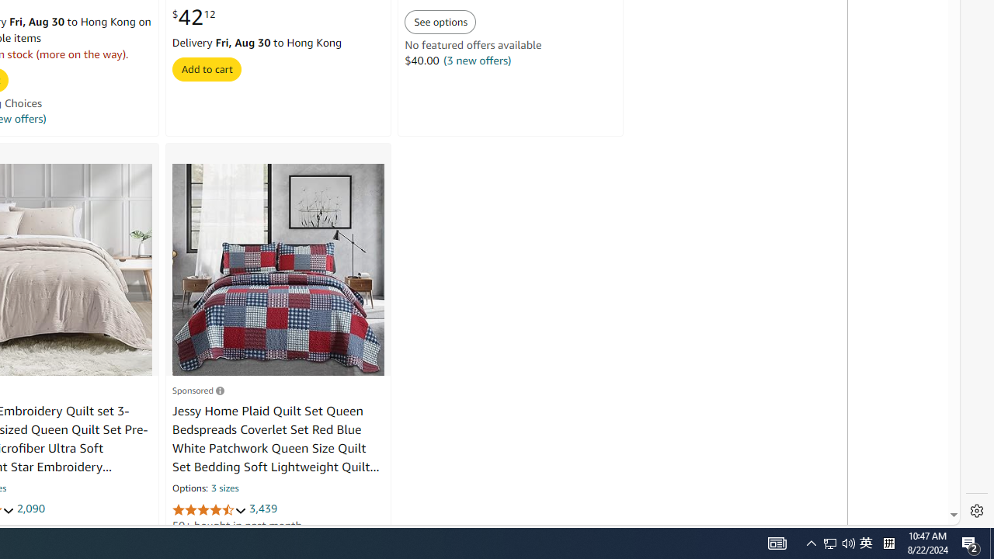 The image size is (994, 559). What do you see at coordinates (30, 509) in the screenshot?
I see `'2,090'` at bounding box center [30, 509].